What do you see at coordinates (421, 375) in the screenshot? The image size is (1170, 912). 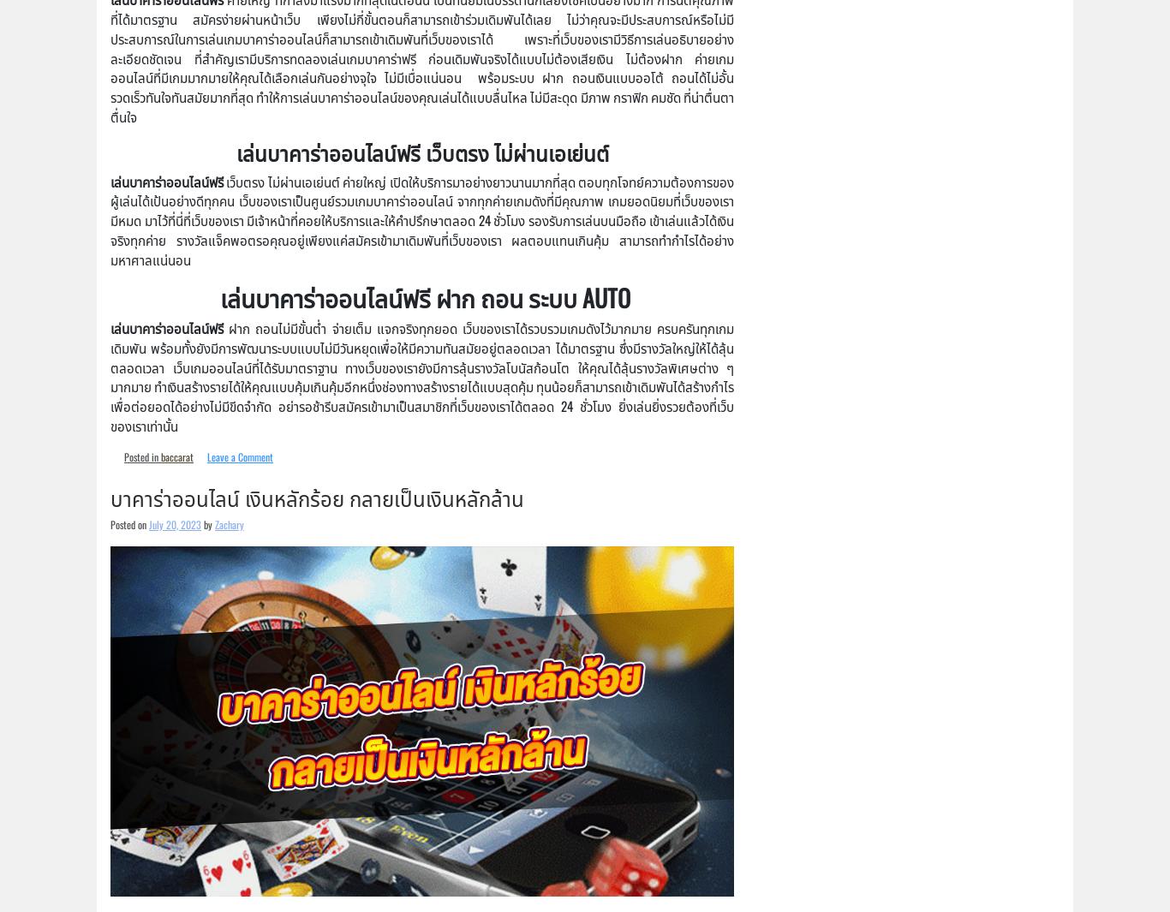 I see `'ฝาก ถอนไม่มีขั้นต่ำ จ่ายเต็ม แจกจริงทุกยอด เว็บของเราได้รวบรวมเกมดังไว้มากมาย ครบครันทุกเกมเดิมพัน พร้อมทั้งยังมีการพัฒนาระบบแบบไม่มีวันหยุดเพื่อให้มีความทันสมัยอยู่ตลอดเวลา ได้มาตรฐาน ซึ่งมีรางวัลใหญ่ให้ได้ลุ้นตลอดเวลา เว็บเกมออนไลน์ที่ได้รับมาตราฐาน ทางเว็บของเรายังมีการลุ้นรางวัลโบนัสก้อนโต ให้คุณได้ลุ้นรางวัลพิเศษต่าง ๆ มากมาย ทำเงินสร้างรายได้ให้คุณแบบคุ้มเกินคุ้มอีกหนึ่งช่องทางสร้างรายได้แบบสุดคุ้ม ทุนน้อยก็สามารถเข้าเดิมพันได้สร้างกำไรเพื่อต่อยอดได้อย่างไม่มีขีดจำกัด อย่ารอช้ารีบสมัครเข้ามาเป็นสมาชิกที่เว็บของเราได้ตลอด 24 ชั่วโมง ยิ่งเล่นยิ่งรวยต้องที่เว็บของเราเท่านั้น'` at bounding box center [421, 375].